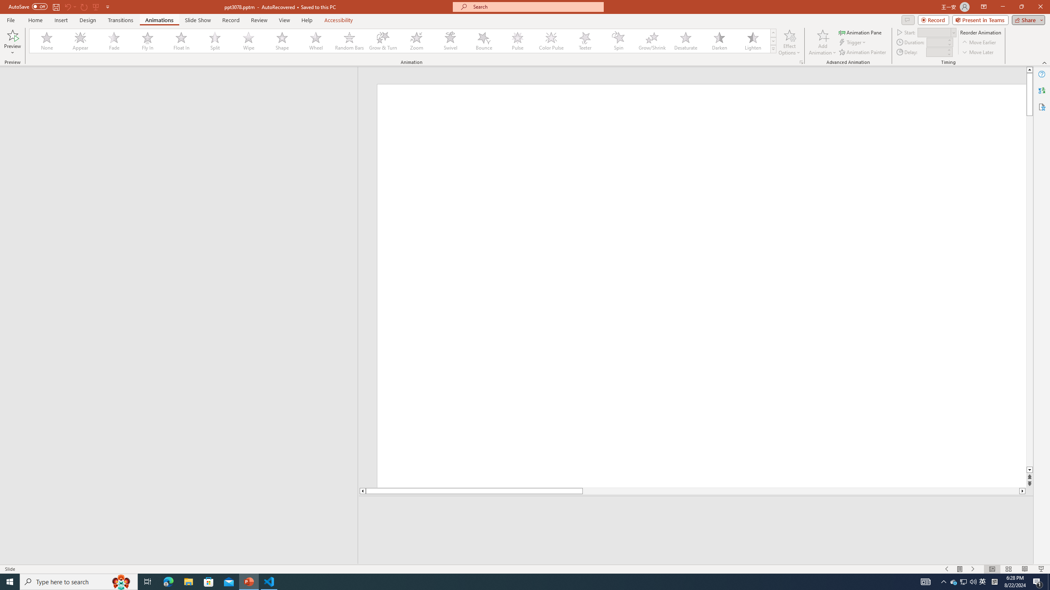  I want to click on 'Random Bars', so click(349, 41).